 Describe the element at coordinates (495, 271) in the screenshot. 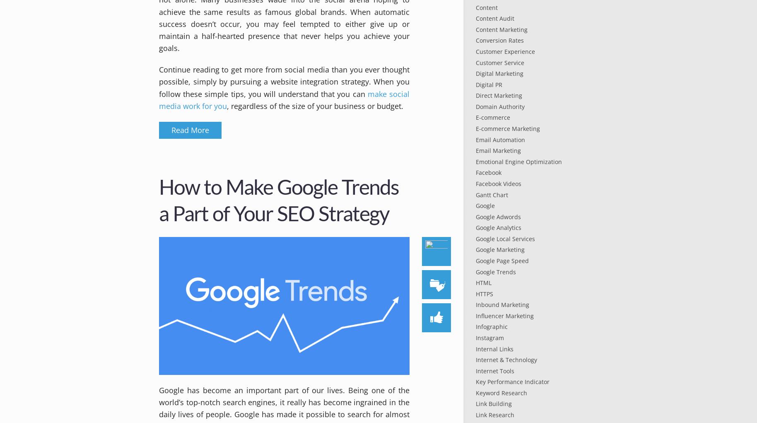

I see `'Google Trends'` at that location.